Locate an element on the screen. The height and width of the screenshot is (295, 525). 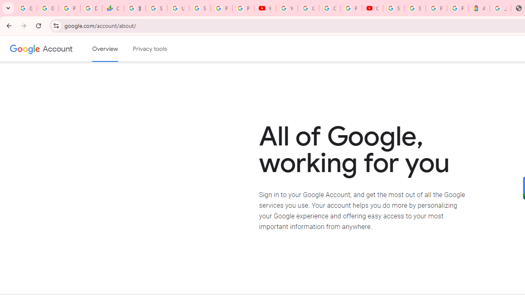
'Google Account overview' is located at coordinates (105, 49).